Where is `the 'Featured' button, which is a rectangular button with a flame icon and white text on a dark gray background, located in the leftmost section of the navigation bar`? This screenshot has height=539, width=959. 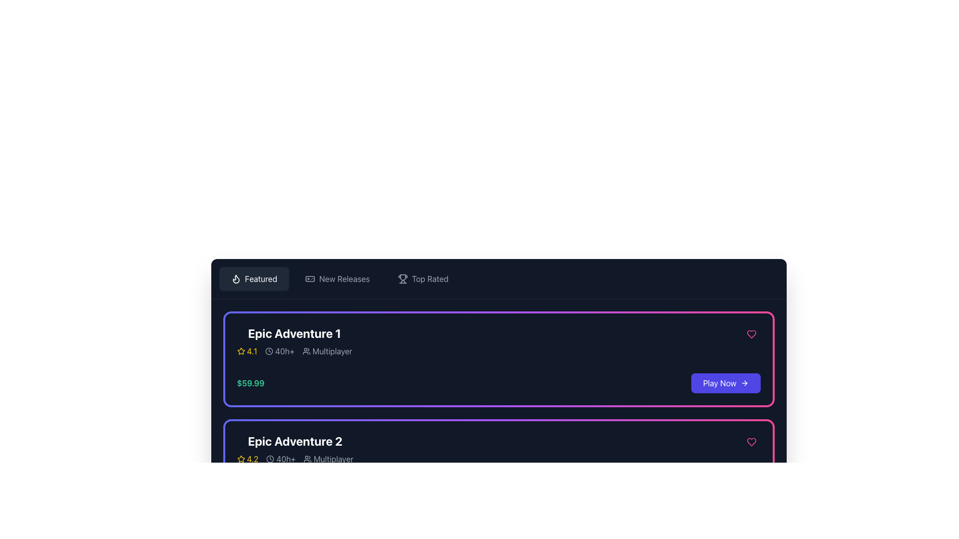
the 'Featured' button, which is a rectangular button with a flame icon and white text on a dark gray background, located in the leftmost section of the navigation bar is located at coordinates (254, 279).